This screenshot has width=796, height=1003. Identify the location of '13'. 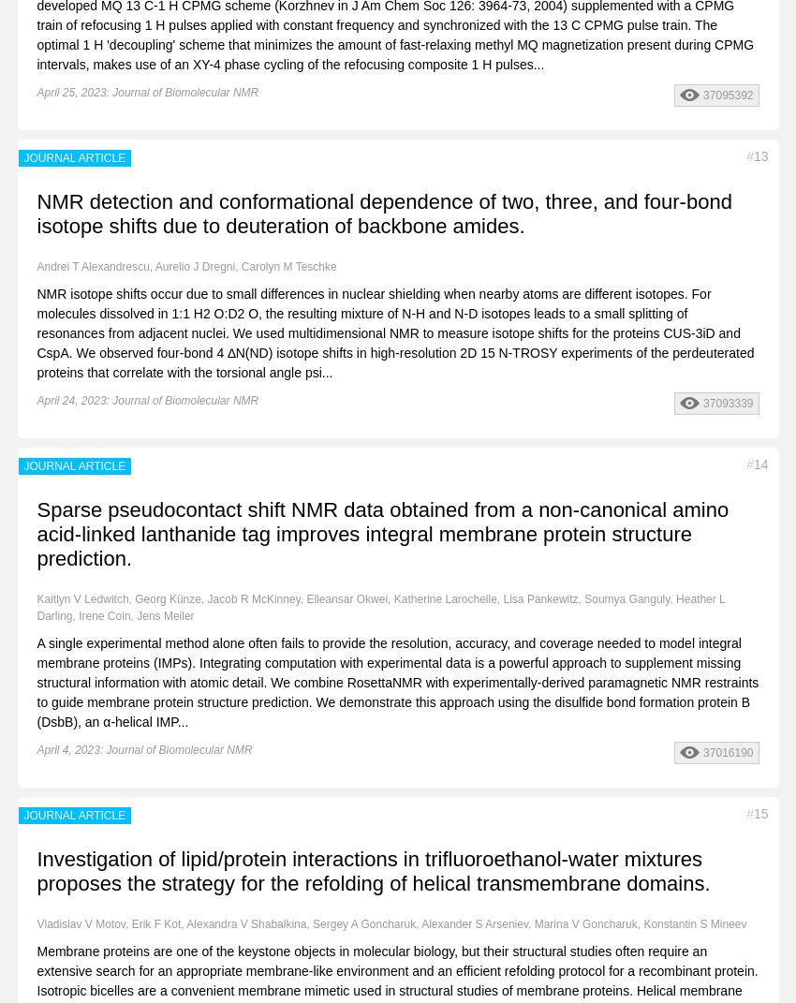
(760, 155).